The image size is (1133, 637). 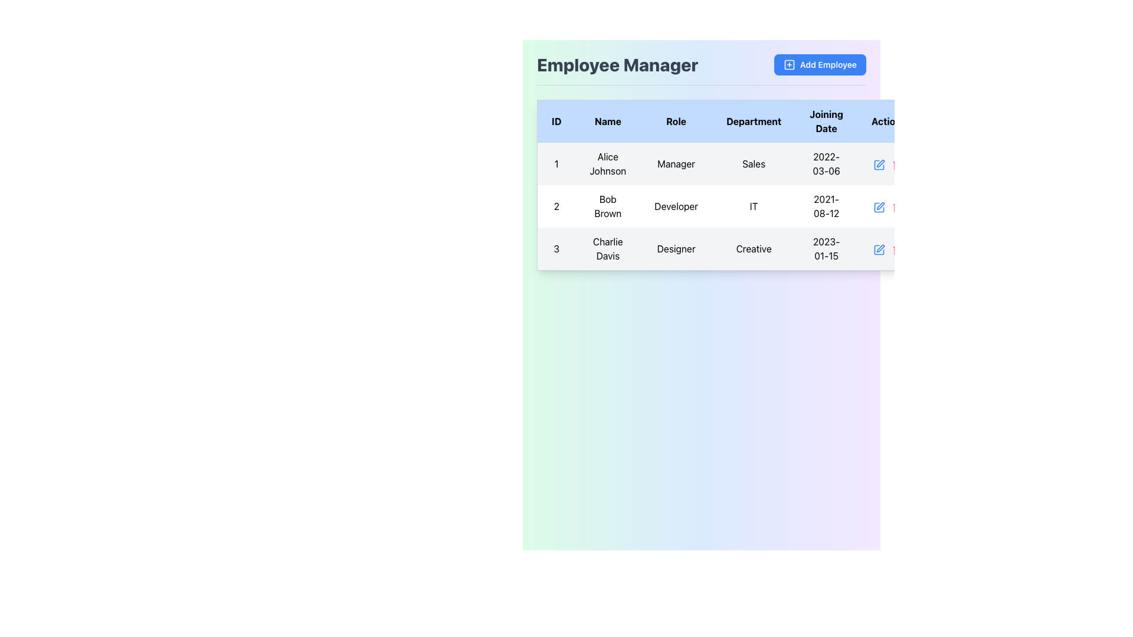 What do you see at coordinates (789, 65) in the screenshot?
I see `the SVG icon representing the 'Add Employee' button` at bounding box center [789, 65].